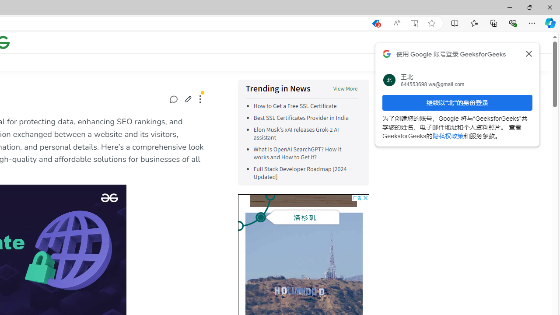 The width and height of the screenshot is (560, 315). Describe the element at coordinates (305, 134) in the screenshot. I see `'Elon Musk'` at that location.